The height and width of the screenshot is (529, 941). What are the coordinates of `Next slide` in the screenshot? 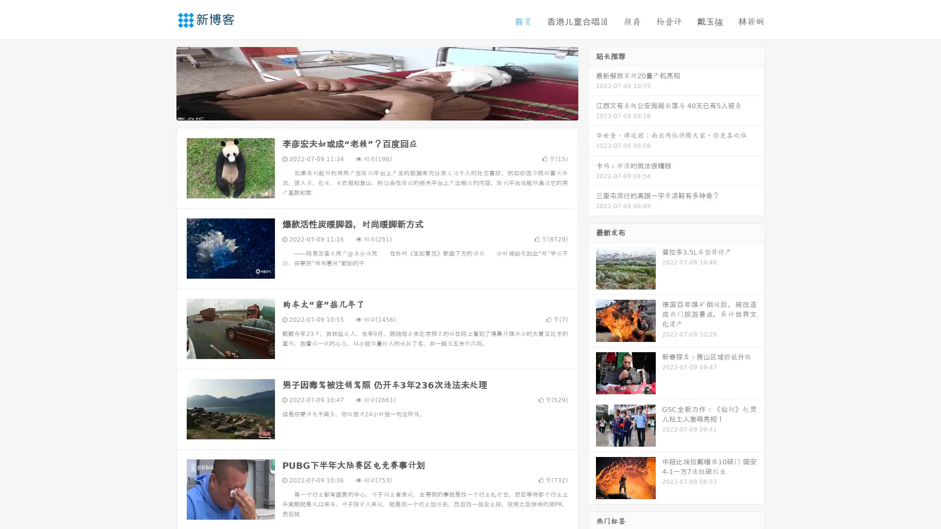 It's located at (592, 82).